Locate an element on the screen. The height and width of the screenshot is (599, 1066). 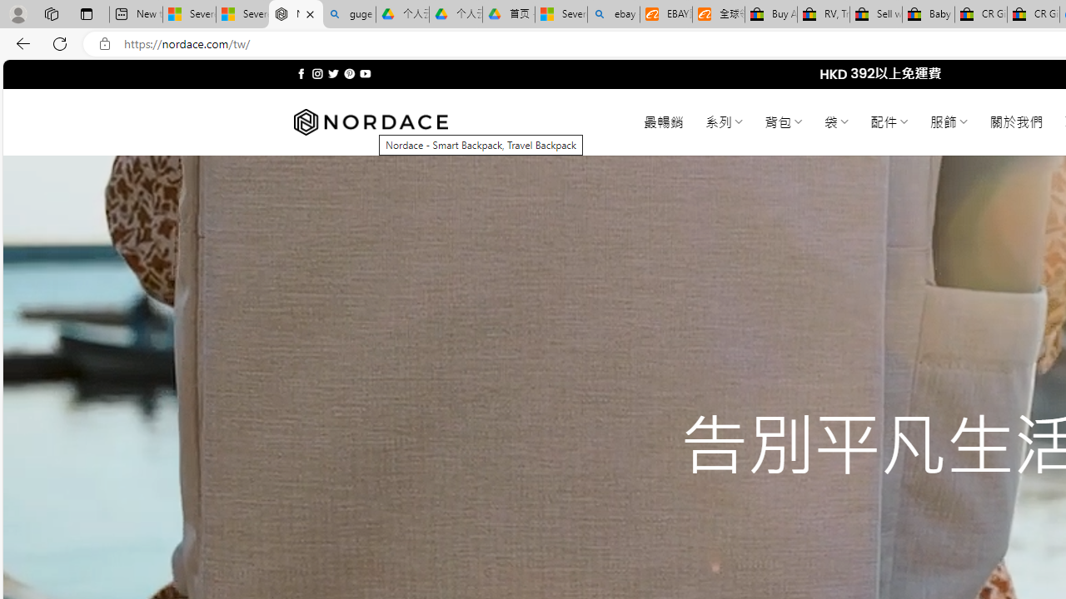
'Follow on Pinterest' is located at coordinates (348, 73).